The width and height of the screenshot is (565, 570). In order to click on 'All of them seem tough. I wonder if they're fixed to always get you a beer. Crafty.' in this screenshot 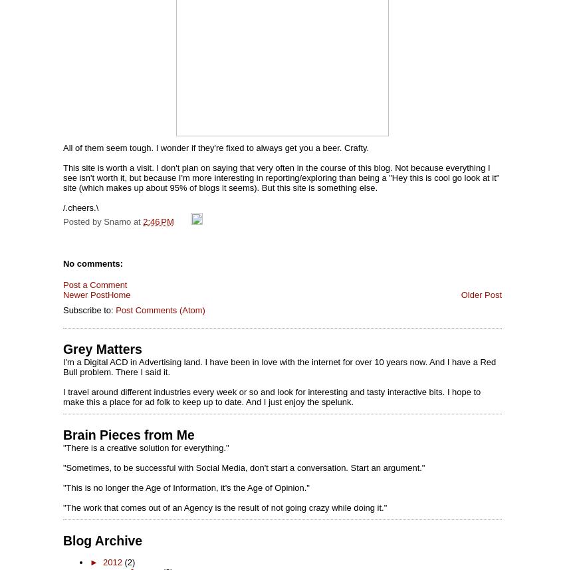, I will do `click(216, 147)`.